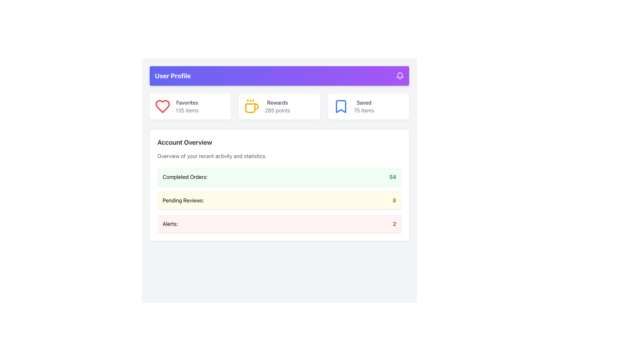  Describe the element at coordinates (340, 106) in the screenshot. I see `the blue bookmark icon located in the 'Saved' section, between 'Rewards' and '75 items'` at that location.